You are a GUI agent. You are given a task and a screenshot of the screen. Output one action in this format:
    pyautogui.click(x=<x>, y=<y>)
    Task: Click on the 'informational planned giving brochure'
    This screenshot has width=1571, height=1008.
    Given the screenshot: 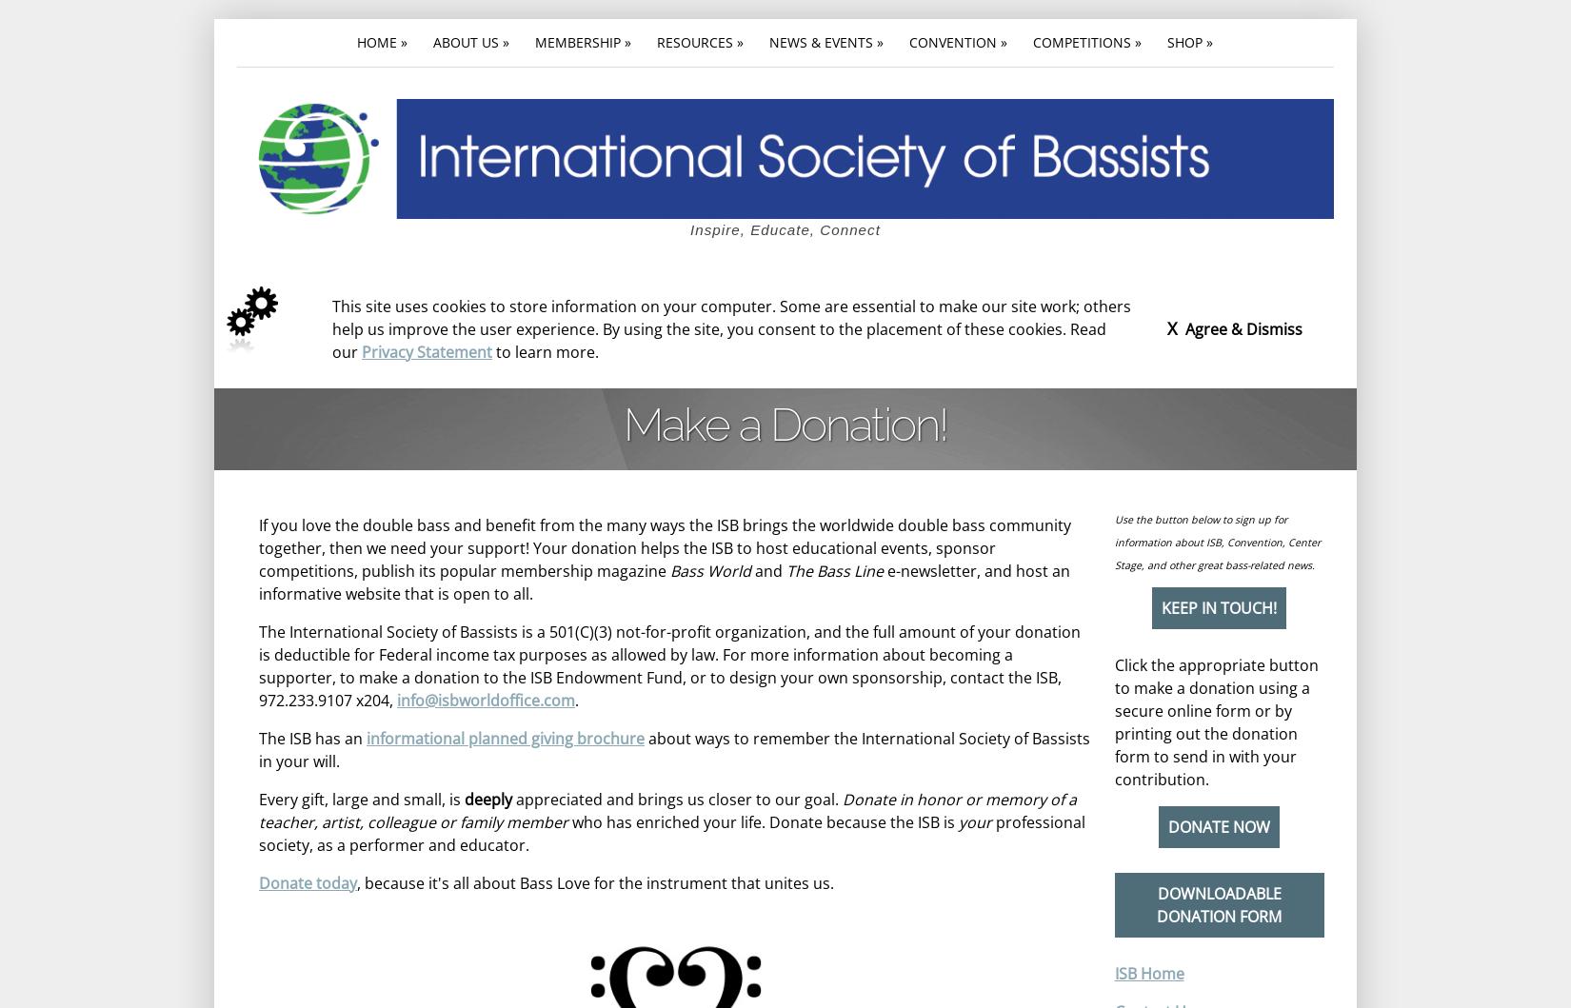 What is the action you would take?
    pyautogui.click(x=504, y=736)
    